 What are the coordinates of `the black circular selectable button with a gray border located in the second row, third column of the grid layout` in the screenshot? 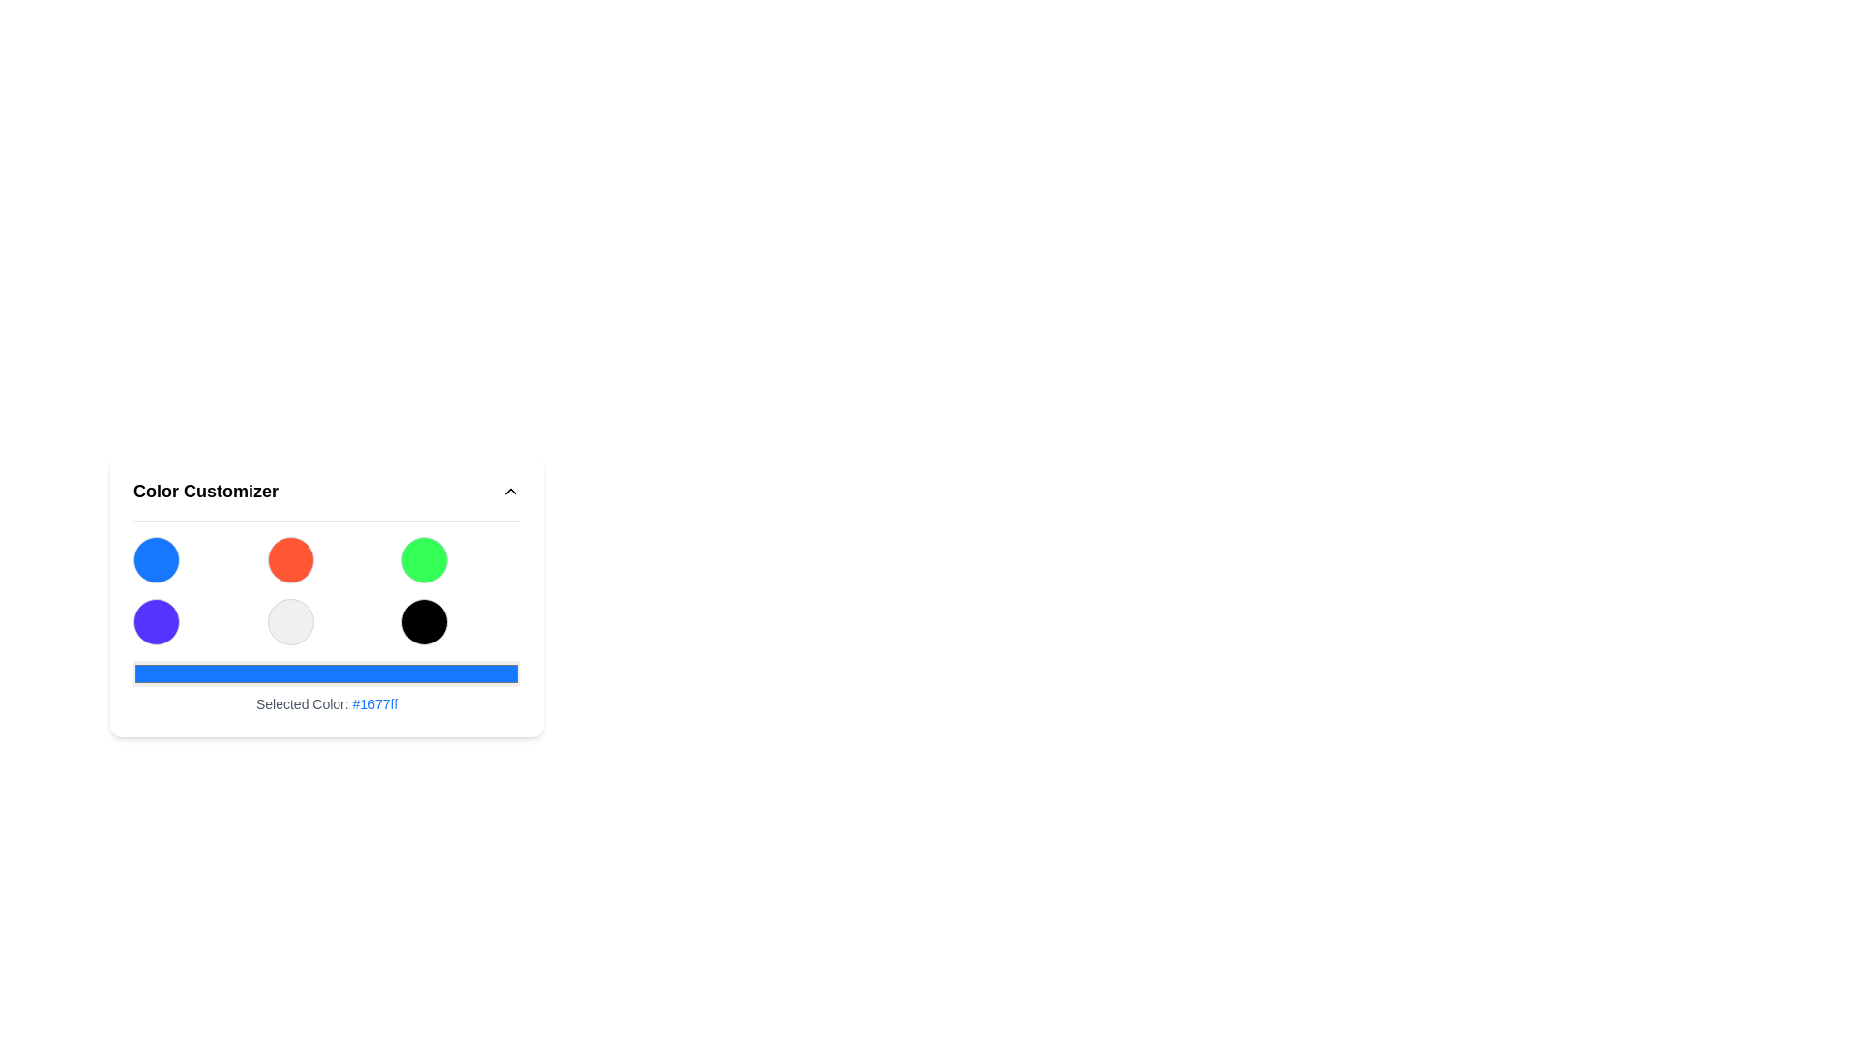 It's located at (424, 622).